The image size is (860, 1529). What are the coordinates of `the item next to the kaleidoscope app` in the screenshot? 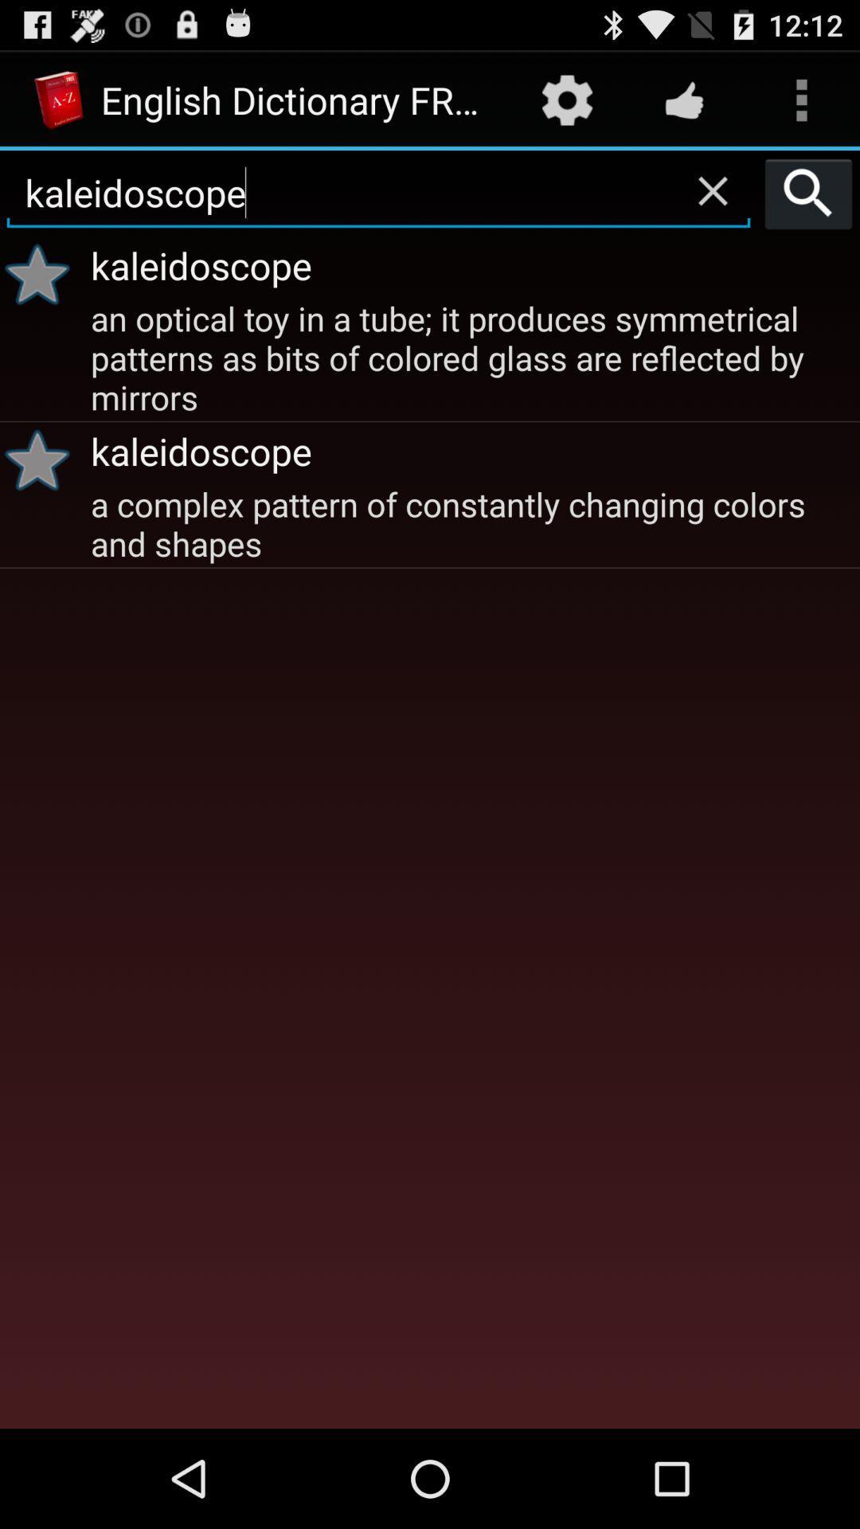 It's located at (42, 274).